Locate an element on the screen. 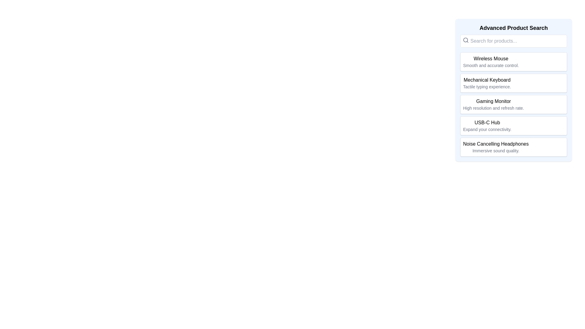  the 'USB-C Hub' title label in the product search list is located at coordinates (487, 122).